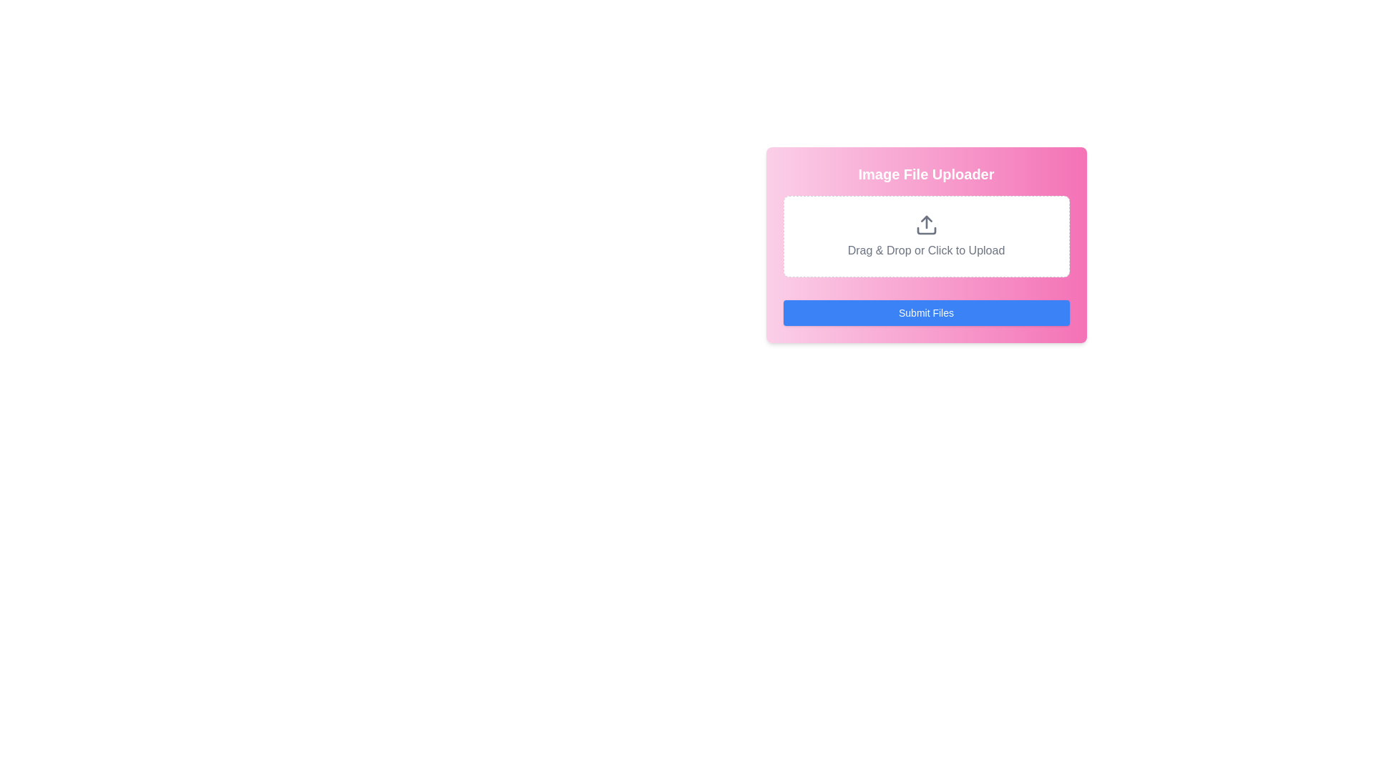  Describe the element at coordinates (926, 225) in the screenshot. I see `the upward arrow icon inside a square with rounded corners, located near the top-center of the 'Drag & Drop or Click to Upload' section` at that location.